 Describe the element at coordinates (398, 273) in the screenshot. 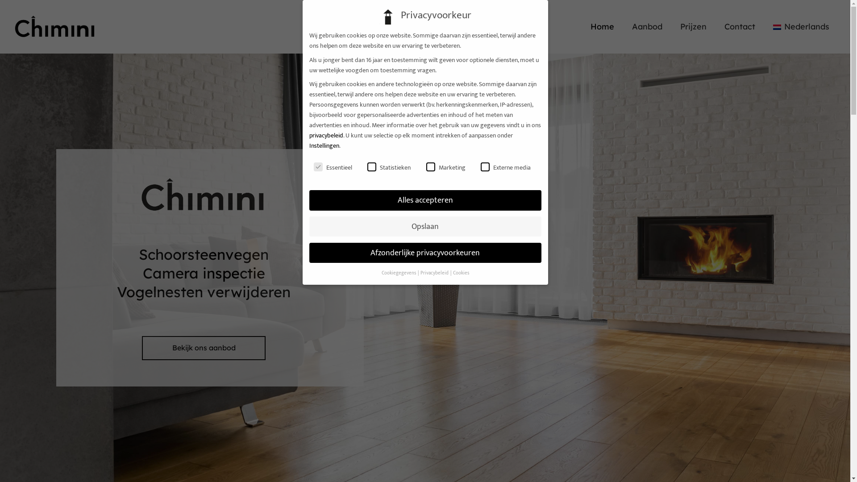

I see `'Cookiegegevens'` at that location.